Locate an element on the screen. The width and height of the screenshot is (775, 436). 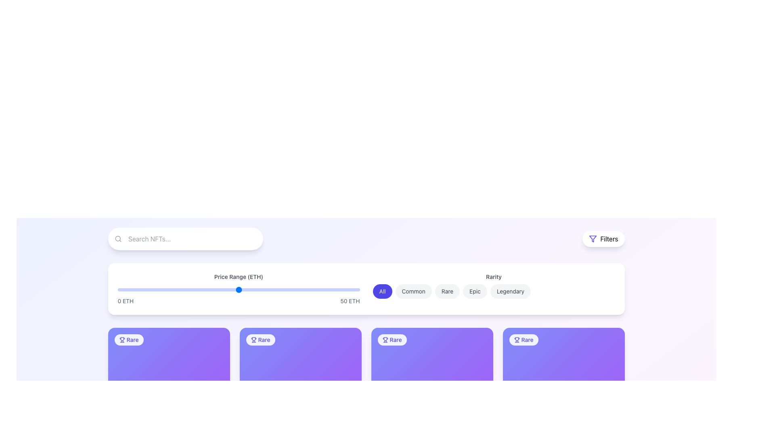
the button located at the top-right corner of the UI toolbar to observe its hover effects is located at coordinates (603, 238).